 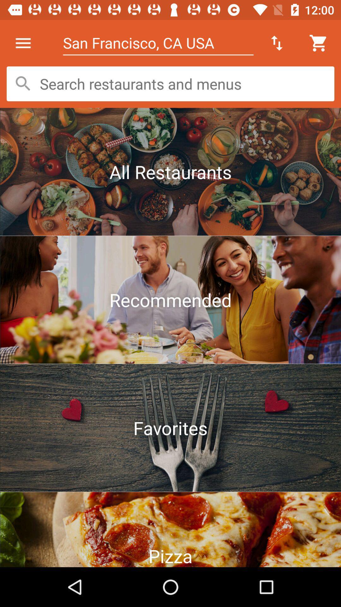 I want to click on the icon to the right of san francisco ca icon, so click(x=276, y=43).